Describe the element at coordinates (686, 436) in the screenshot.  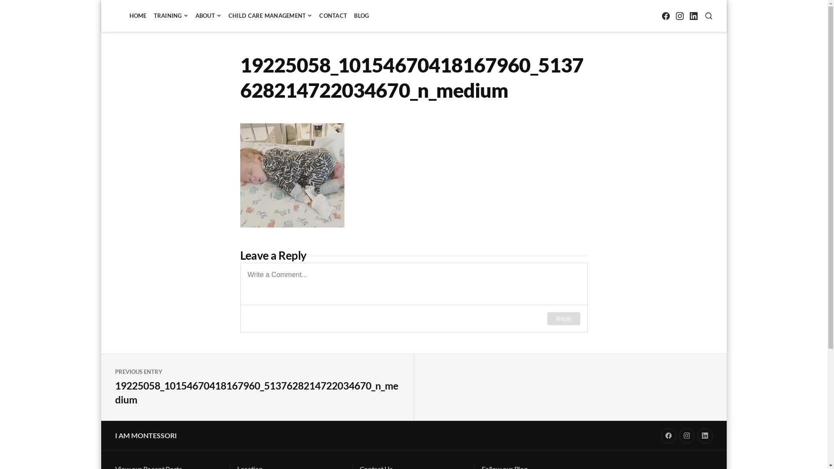
I see `'Instagram'` at that location.